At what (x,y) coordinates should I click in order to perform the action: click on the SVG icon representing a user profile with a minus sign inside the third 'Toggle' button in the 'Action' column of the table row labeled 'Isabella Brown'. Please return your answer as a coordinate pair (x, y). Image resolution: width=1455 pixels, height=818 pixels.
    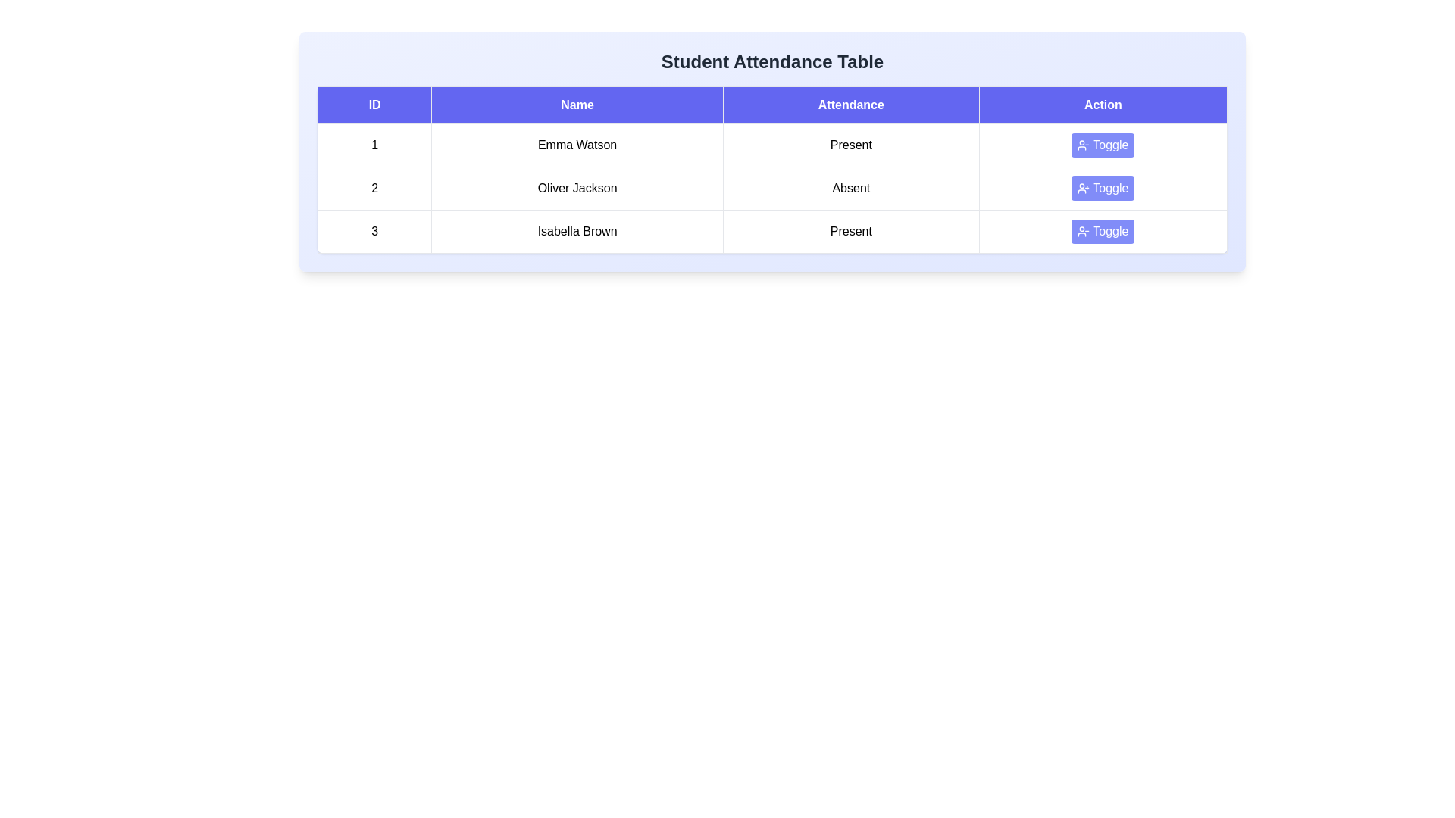
    Looking at the image, I should click on (1083, 231).